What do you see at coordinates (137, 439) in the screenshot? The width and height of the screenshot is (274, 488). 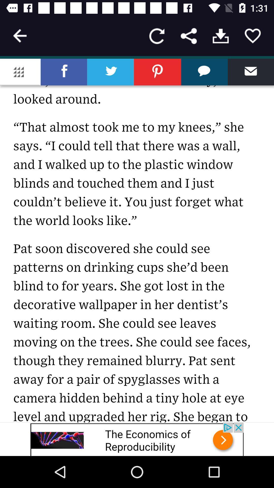 I see `advertisement` at bounding box center [137, 439].